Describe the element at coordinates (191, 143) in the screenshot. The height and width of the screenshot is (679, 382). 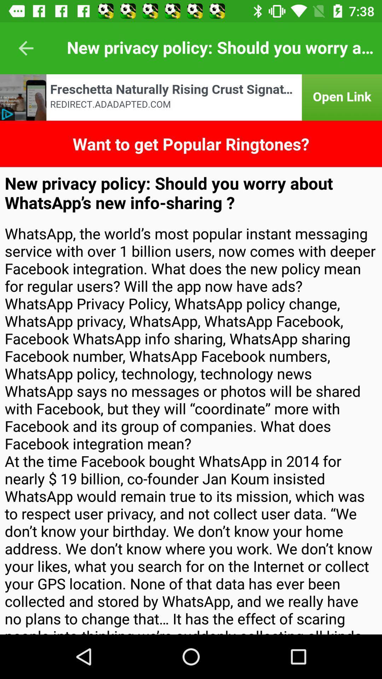
I see `want to get icon` at that location.